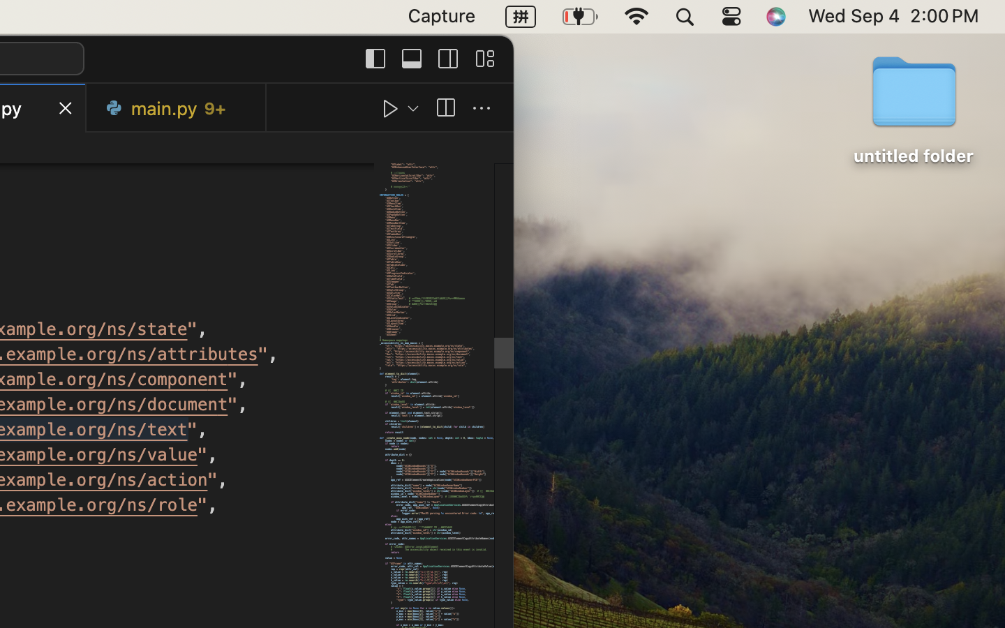 The width and height of the screenshot is (1005, 628). What do you see at coordinates (374, 57) in the screenshot?
I see `''` at bounding box center [374, 57].